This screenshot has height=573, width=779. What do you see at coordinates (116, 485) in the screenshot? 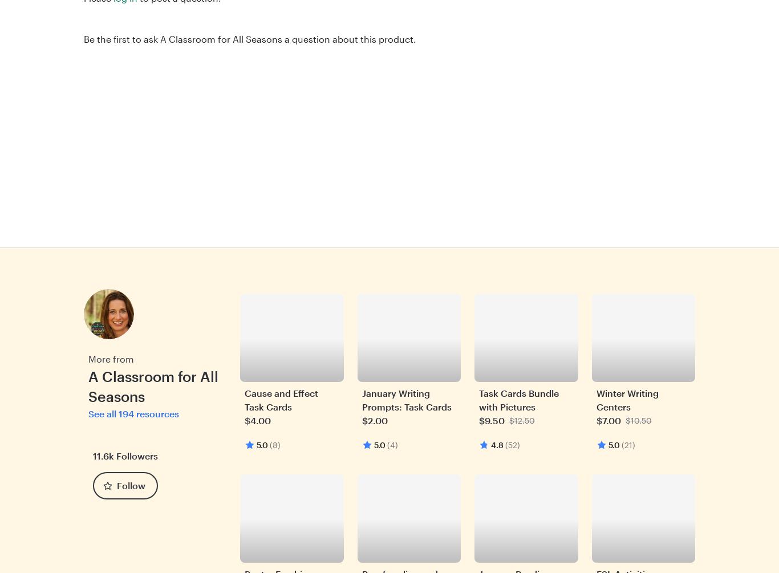
I see `'Follow'` at bounding box center [116, 485].